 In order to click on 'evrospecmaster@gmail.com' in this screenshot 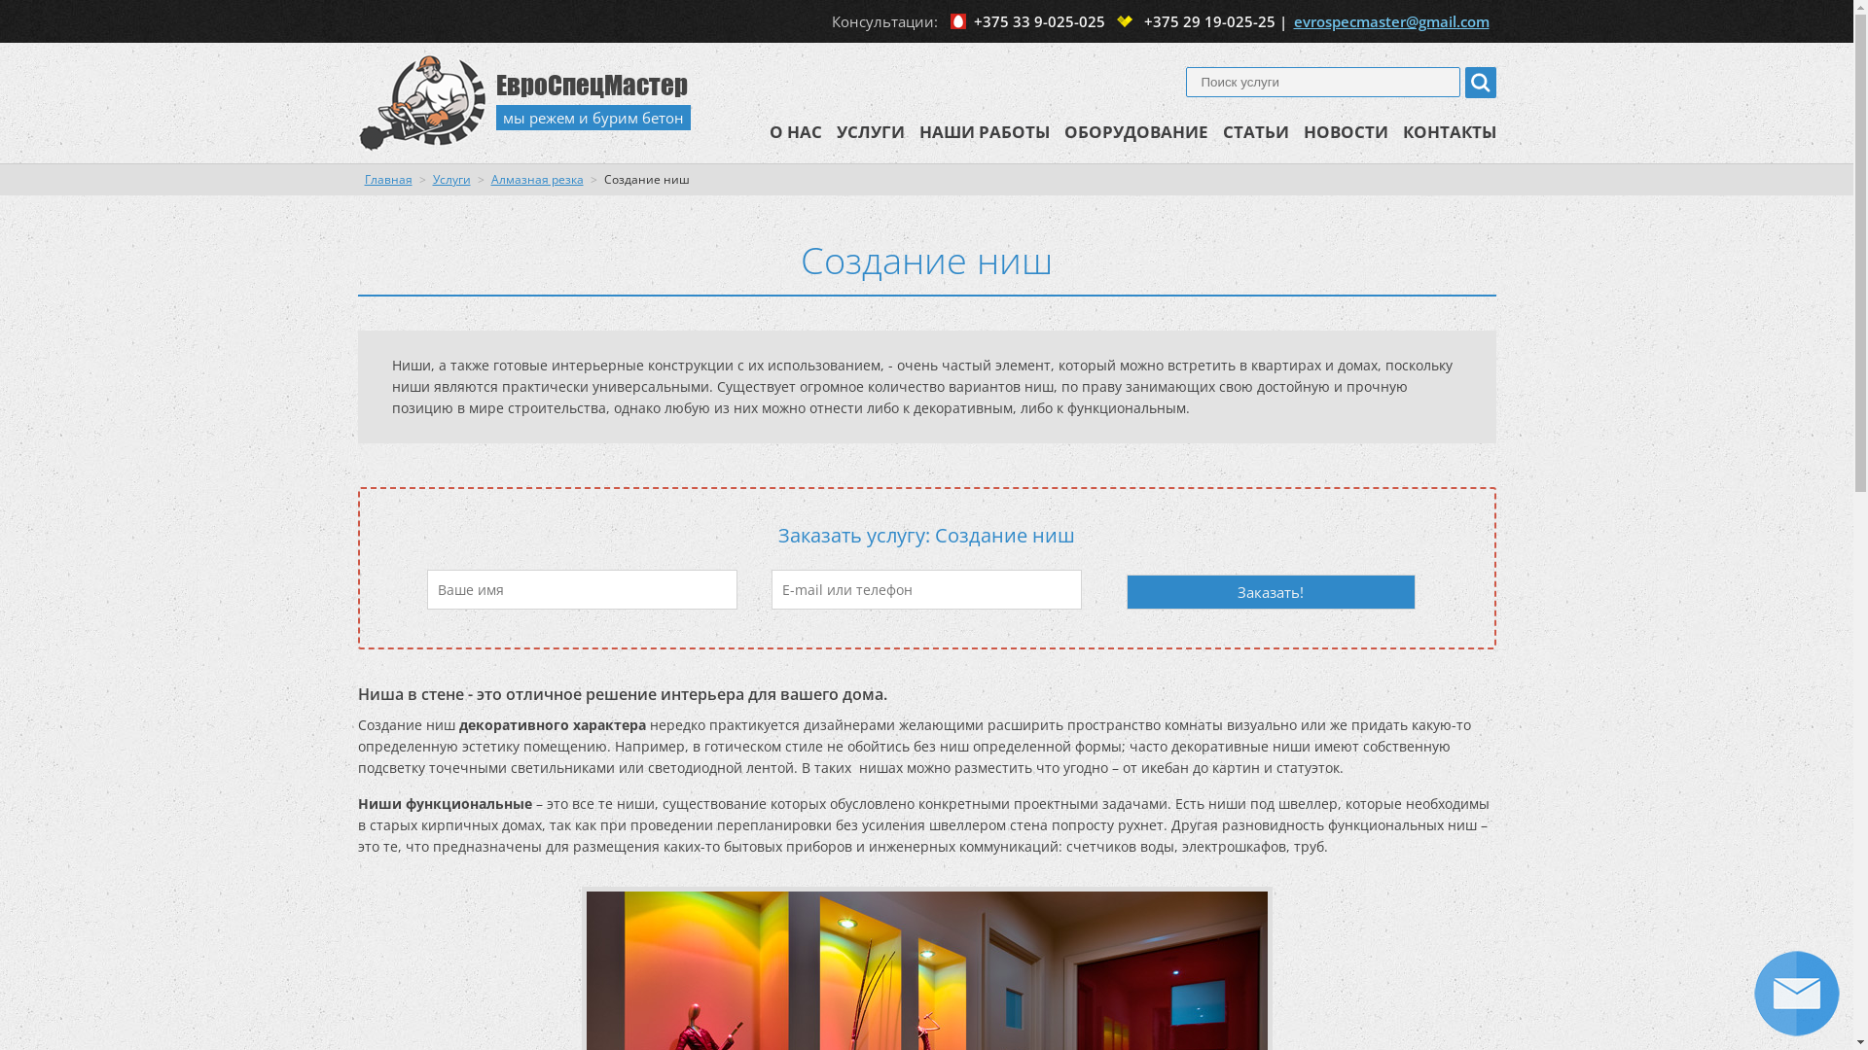, I will do `click(1385, 21)`.